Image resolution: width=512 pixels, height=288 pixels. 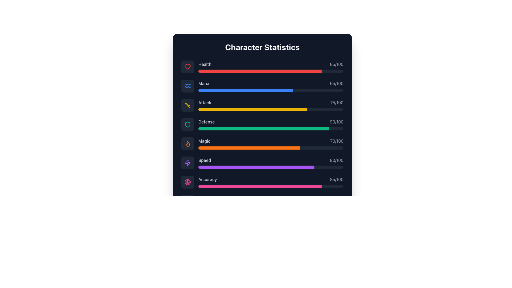 I want to click on the 'Mana' progress bar, which visually represents the current value of 65 out of a maximum of 100, positioned centrally below the 'Health' bar and above the 'Attack' bar, so click(x=271, y=90).